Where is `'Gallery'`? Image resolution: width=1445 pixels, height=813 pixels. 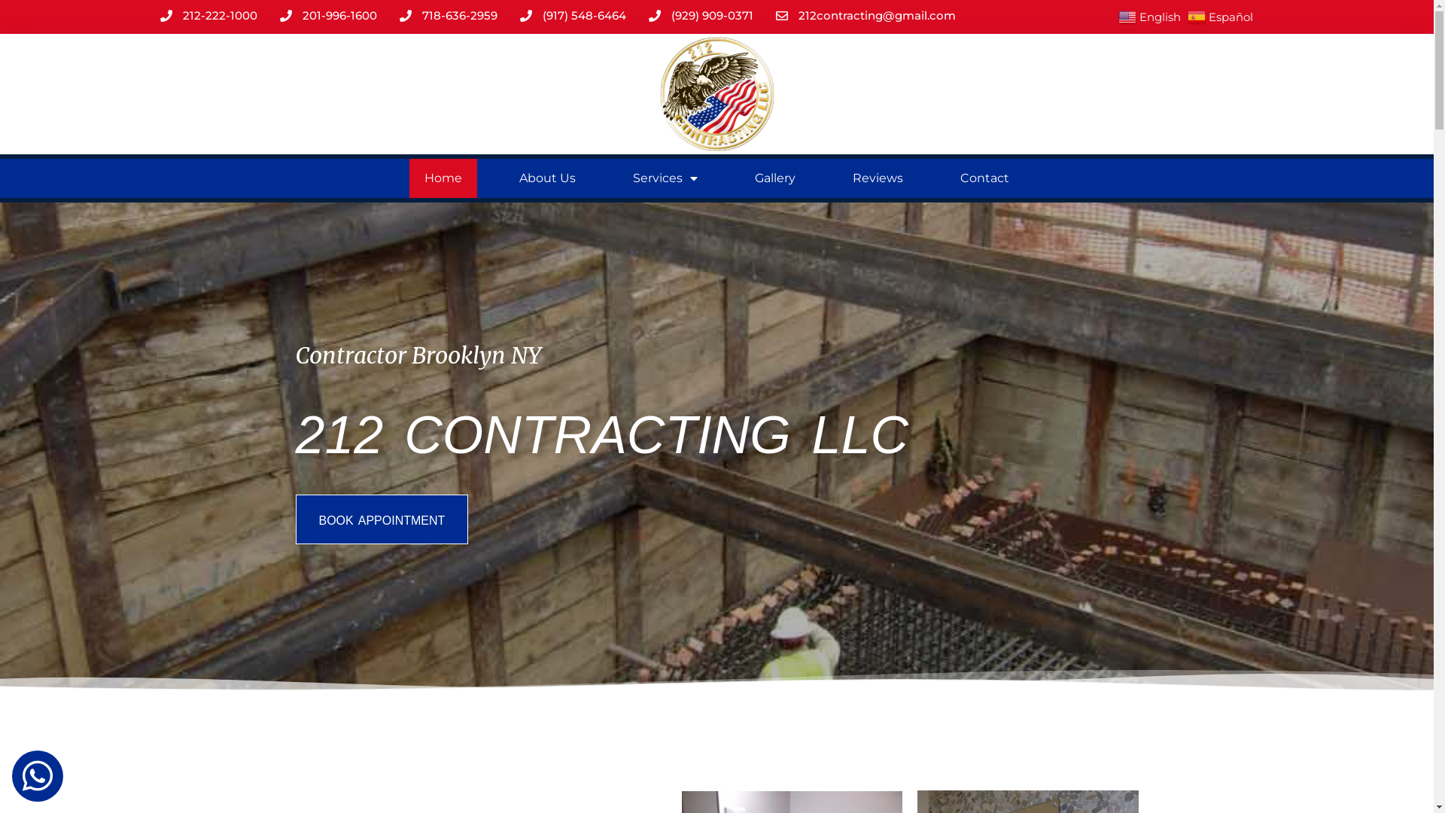
'Gallery' is located at coordinates (775, 177).